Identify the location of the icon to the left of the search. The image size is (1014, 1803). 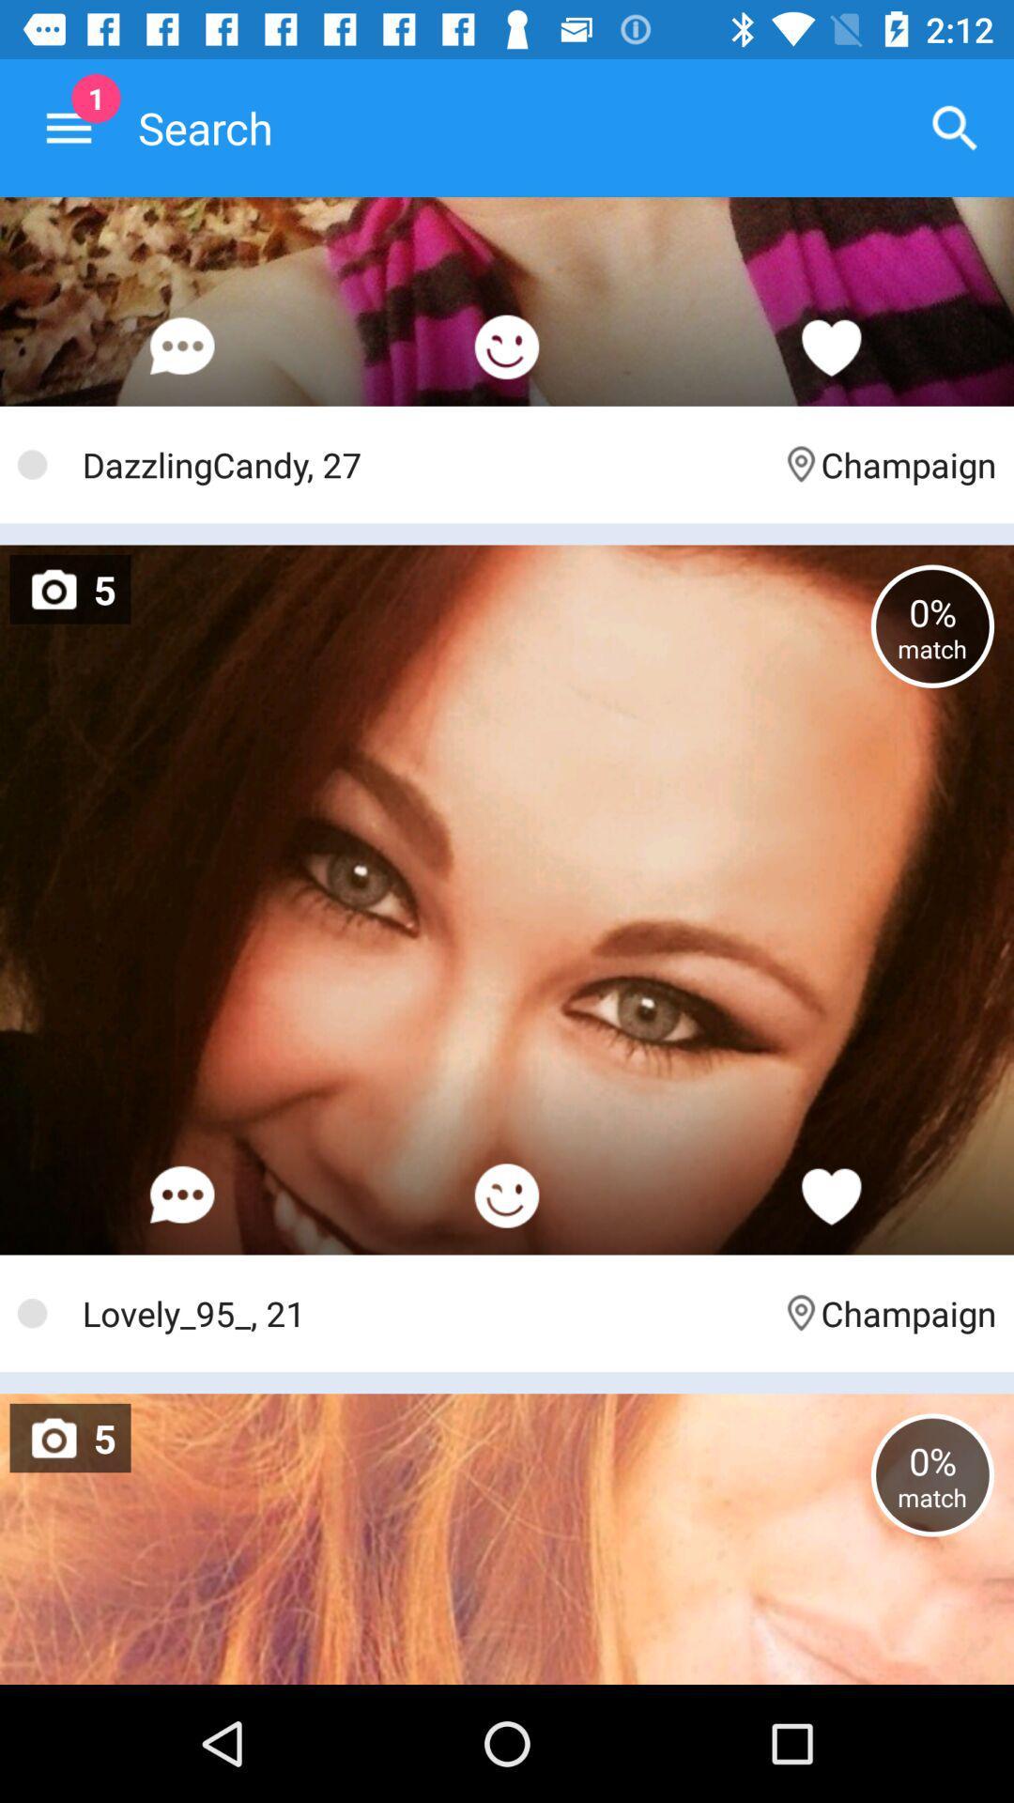
(68, 127).